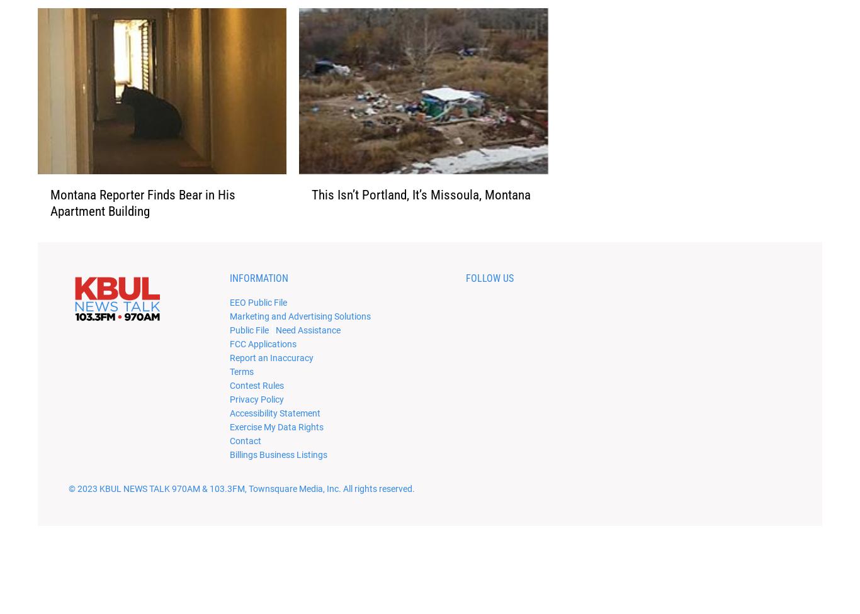  What do you see at coordinates (256, 418) in the screenshot?
I see `'Privacy Policy'` at bounding box center [256, 418].